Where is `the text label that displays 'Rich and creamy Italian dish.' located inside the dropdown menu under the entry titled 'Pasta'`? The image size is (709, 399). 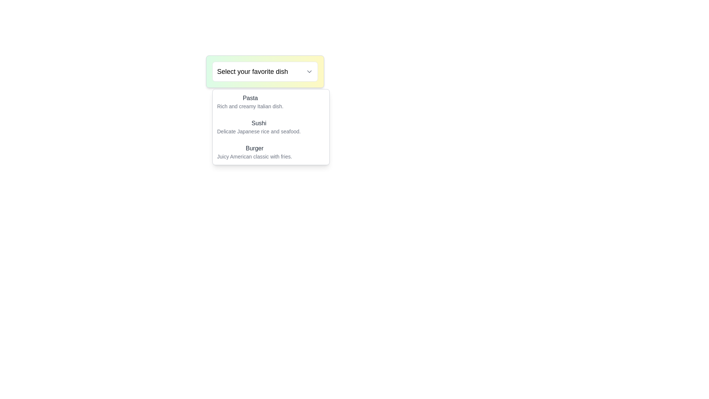
the text label that displays 'Rich and creamy Italian dish.' located inside the dropdown menu under the entry titled 'Pasta' is located at coordinates (250, 106).